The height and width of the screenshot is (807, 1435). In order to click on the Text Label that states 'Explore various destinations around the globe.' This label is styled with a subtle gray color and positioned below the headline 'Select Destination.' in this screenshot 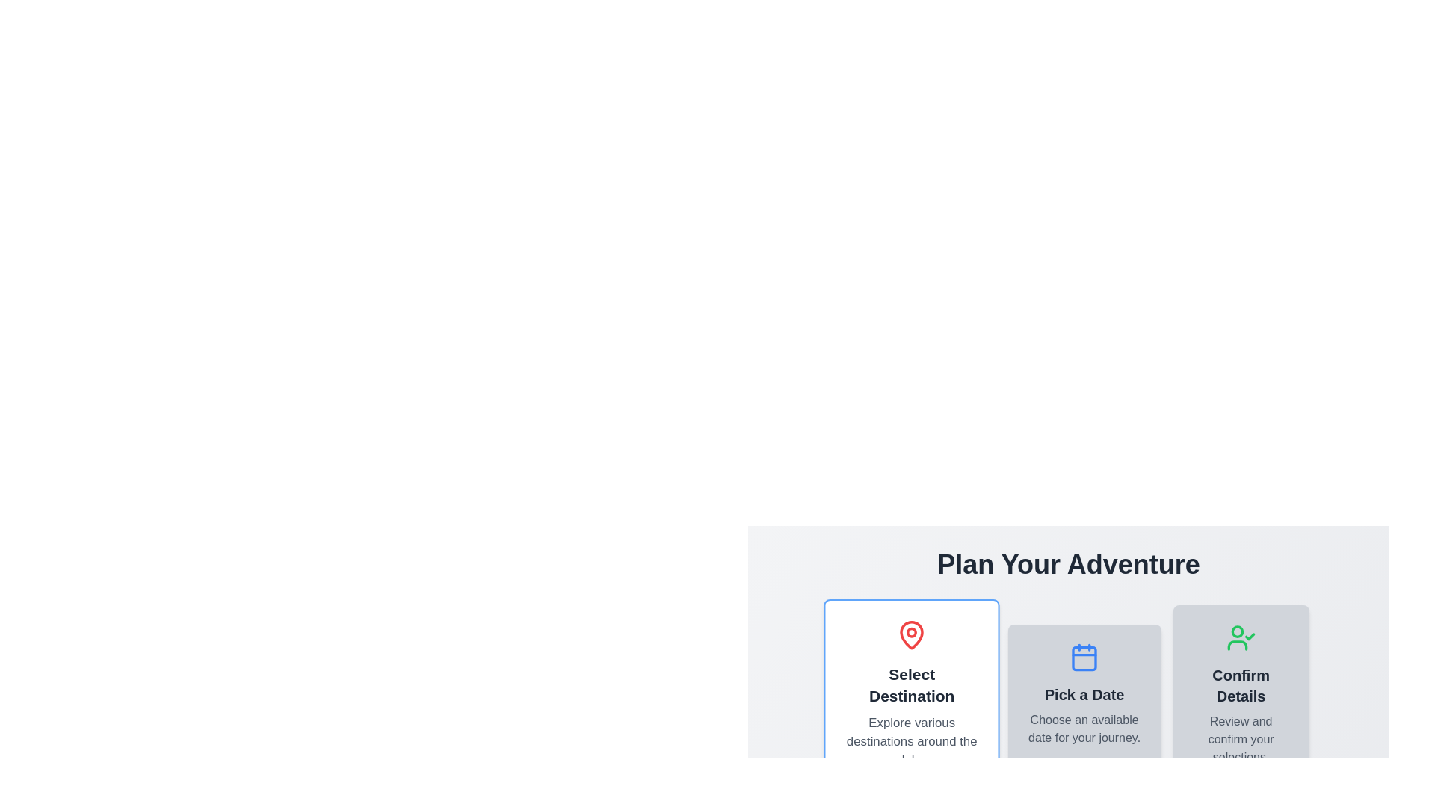, I will do `click(911, 741)`.